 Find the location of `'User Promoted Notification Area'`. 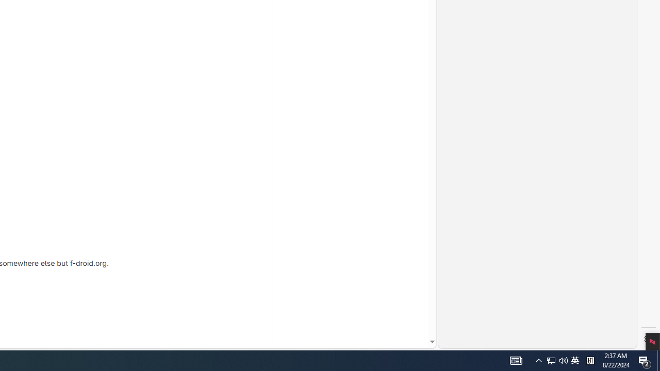

'User Promoted Notification Area' is located at coordinates (551, 360).